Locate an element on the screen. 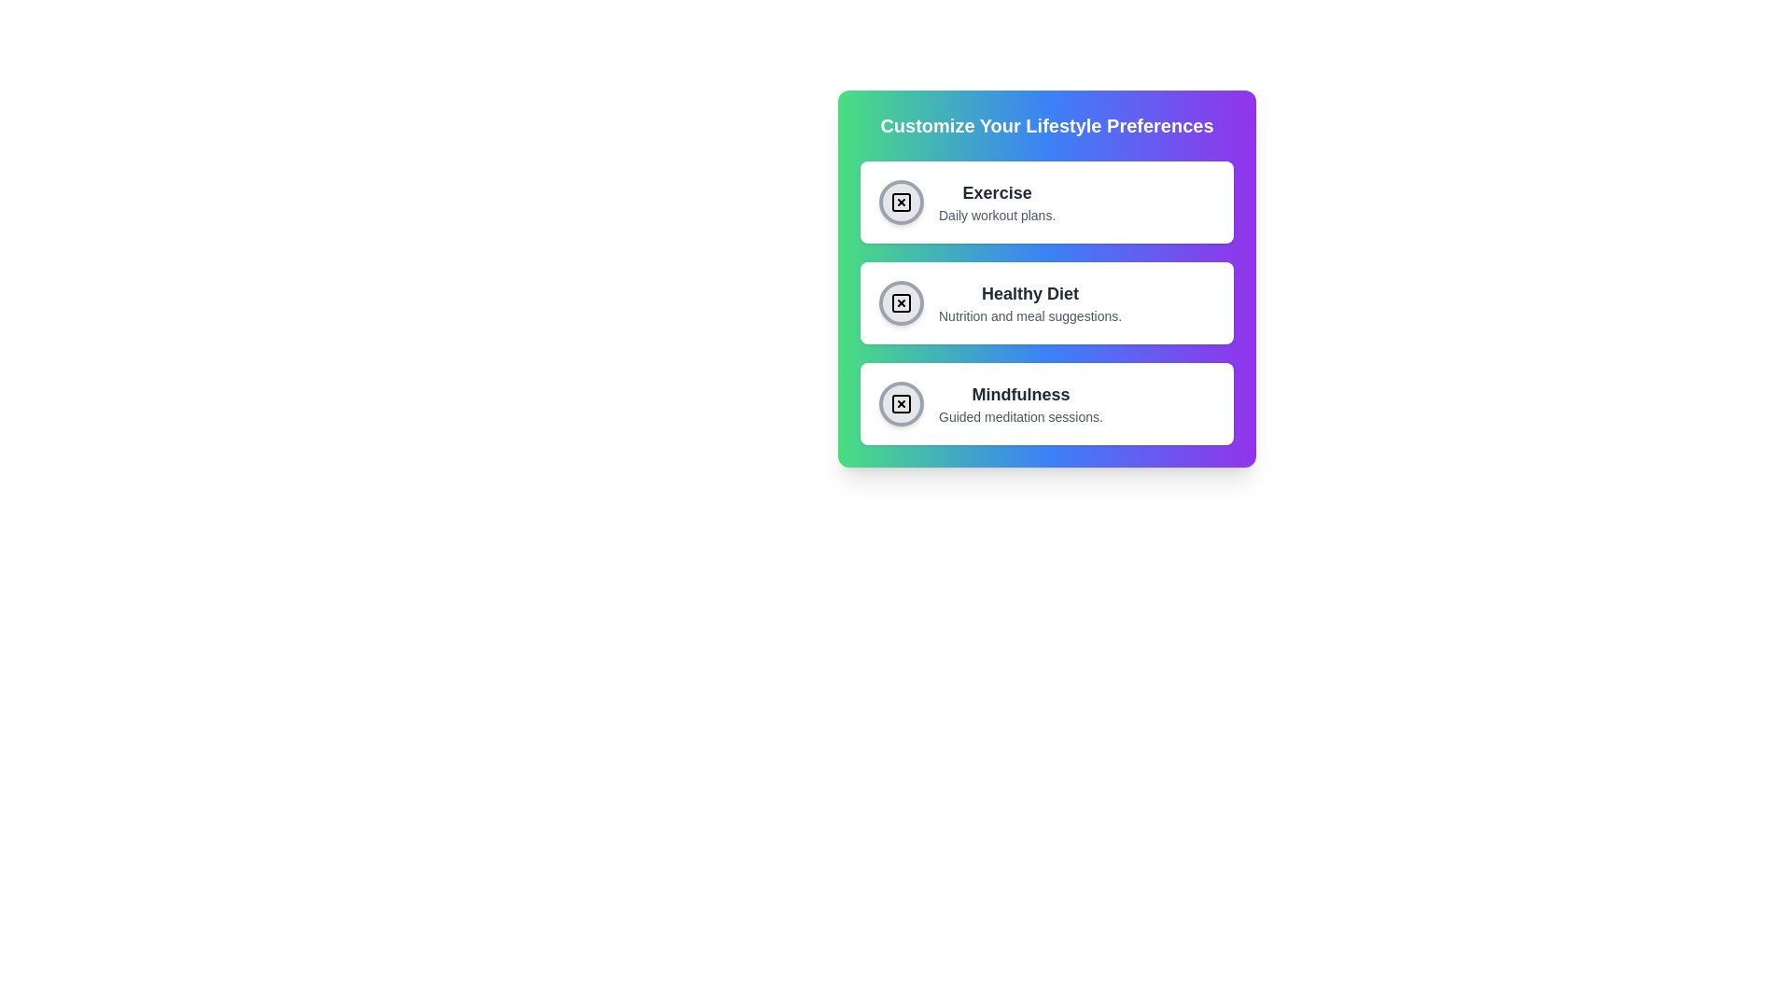  the dismiss or close icon located near the right edge of the 'Mindfulness' option is located at coordinates (901, 402).